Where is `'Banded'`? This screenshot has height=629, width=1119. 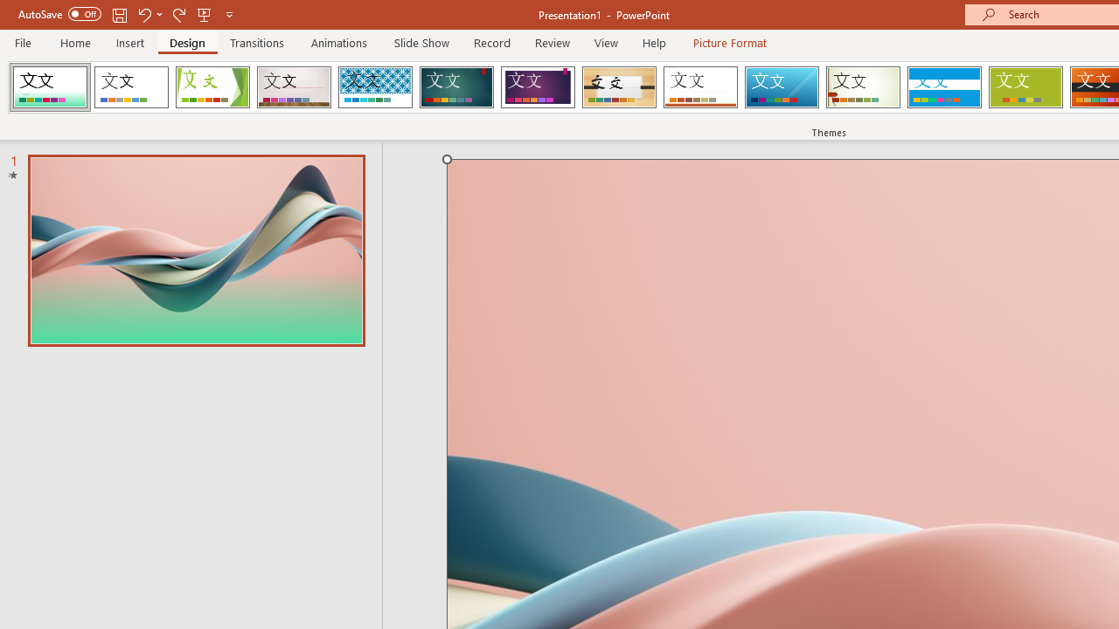 'Banded' is located at coordinates (943, 87).